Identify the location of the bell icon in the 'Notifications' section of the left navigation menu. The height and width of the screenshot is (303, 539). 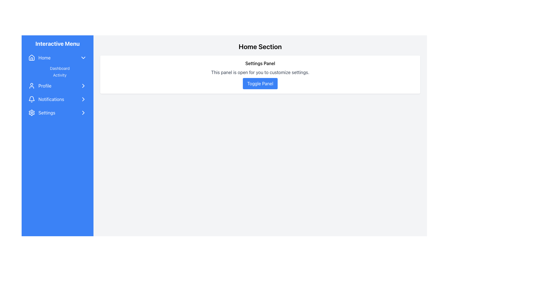
(31, 98).